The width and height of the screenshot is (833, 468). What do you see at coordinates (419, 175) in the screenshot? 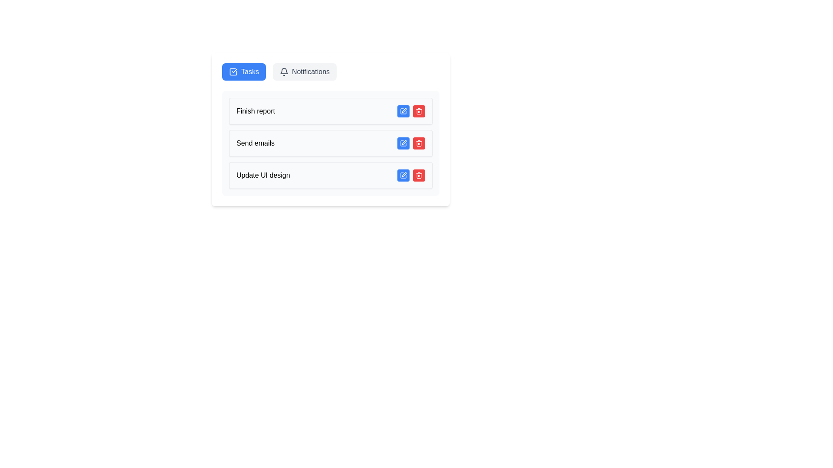
I see `the red square button with rounded corners containing a trashcan icon` at bounding box center [419, 175].